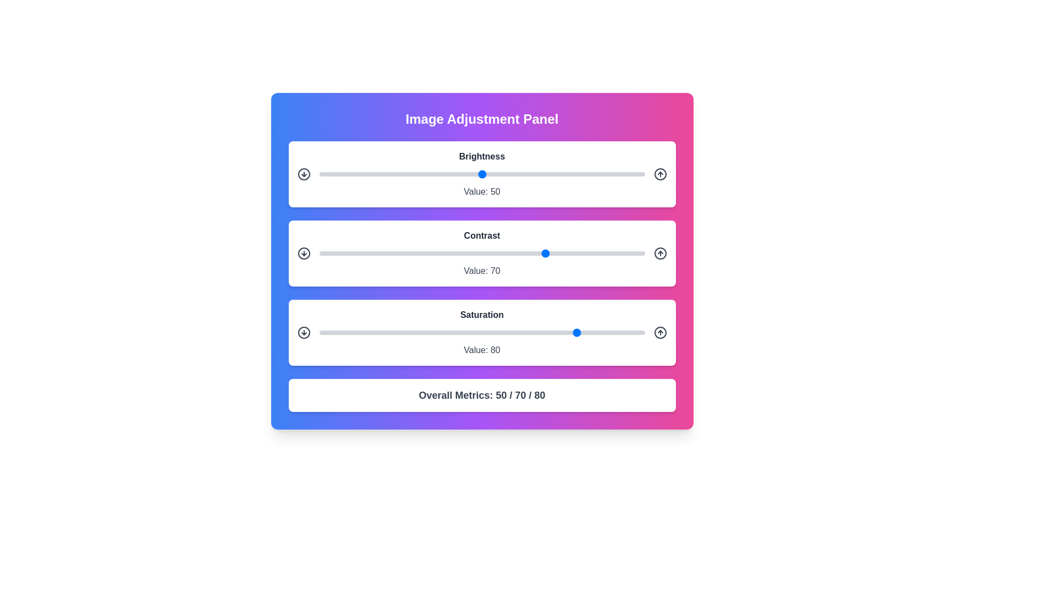  I want to click on the slider value, so click(338, 332).